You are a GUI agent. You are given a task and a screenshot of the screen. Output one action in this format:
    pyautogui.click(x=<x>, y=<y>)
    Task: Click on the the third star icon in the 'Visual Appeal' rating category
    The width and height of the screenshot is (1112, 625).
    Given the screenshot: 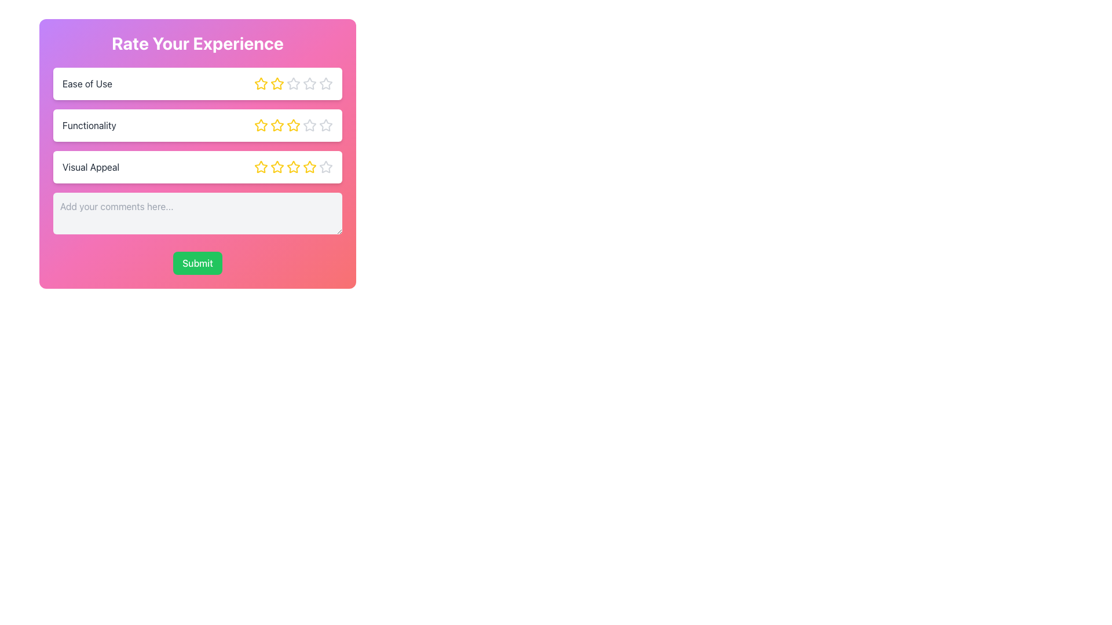 What is the action you would take?
    pyautogui.click(x=294, y=167)
    